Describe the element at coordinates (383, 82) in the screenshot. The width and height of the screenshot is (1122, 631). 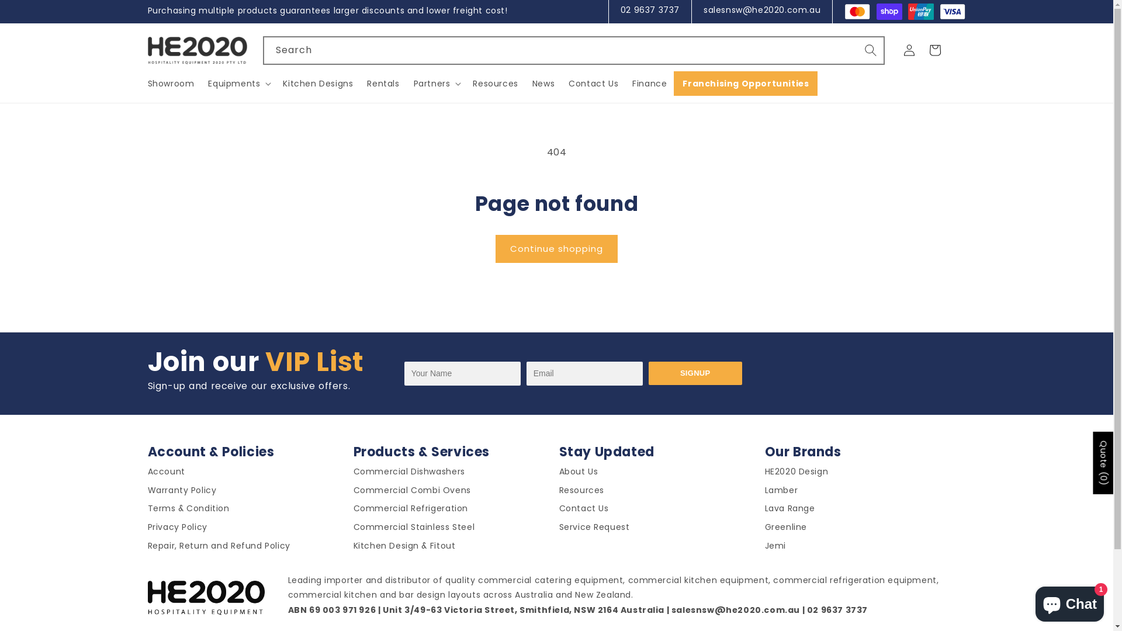
I see `'Rentals'` at that location.